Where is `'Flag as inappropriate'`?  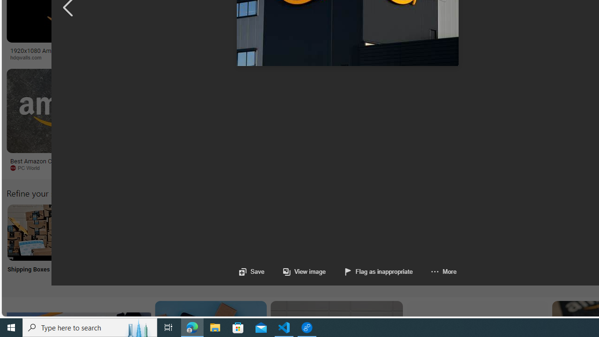
'Flag as inappropriate' is located at coordinates (379, 271).